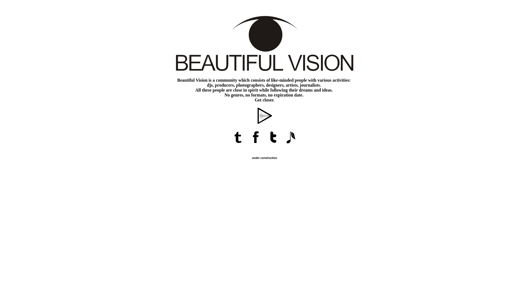 Image resolution: width=529 pixels, height=297 pixels. Describe the element at coordinates (273, 144) in the screenshot. I see `'Beautiful Vision on Twitter'` at that location.